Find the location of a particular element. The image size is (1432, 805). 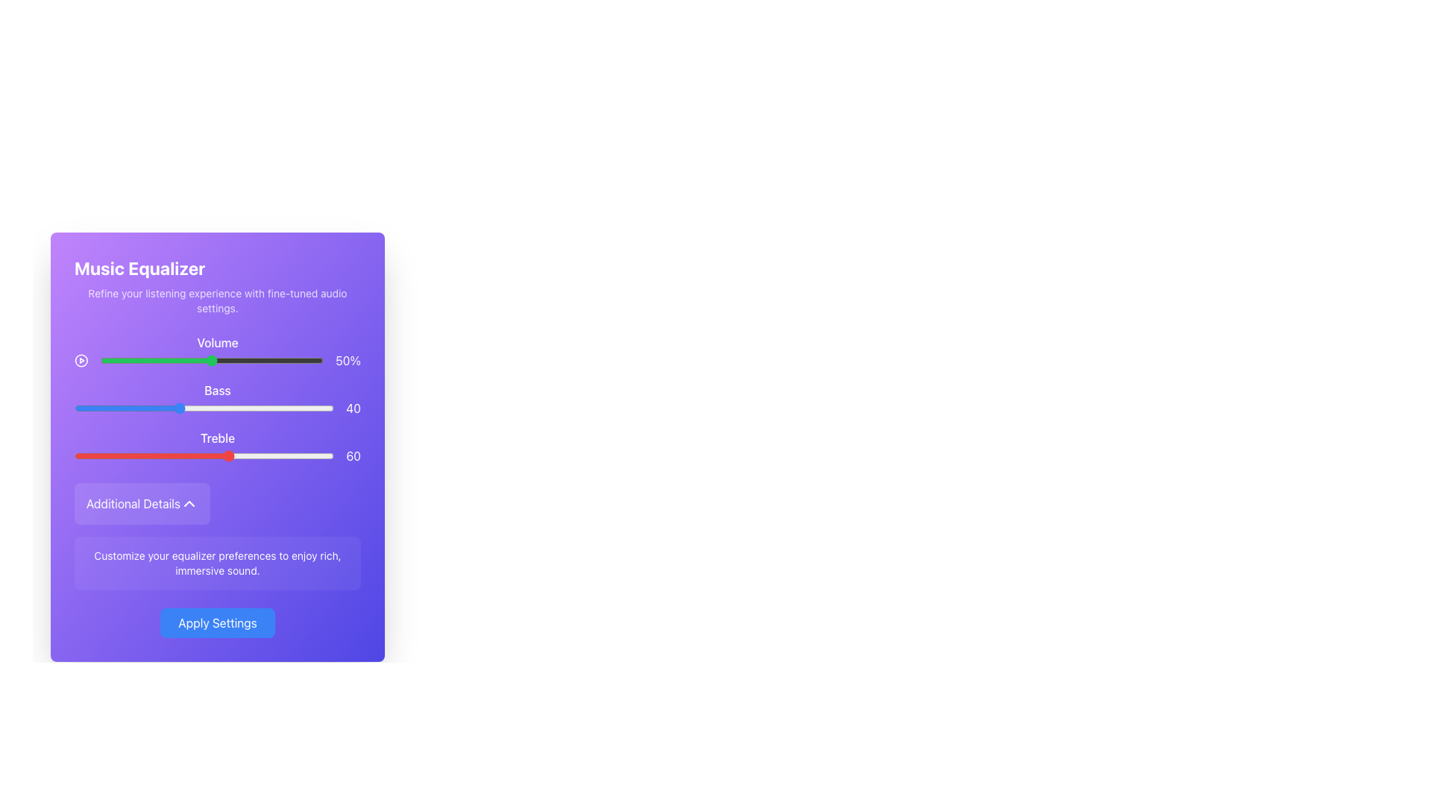

the Treble is located at coordinates (271, 455).